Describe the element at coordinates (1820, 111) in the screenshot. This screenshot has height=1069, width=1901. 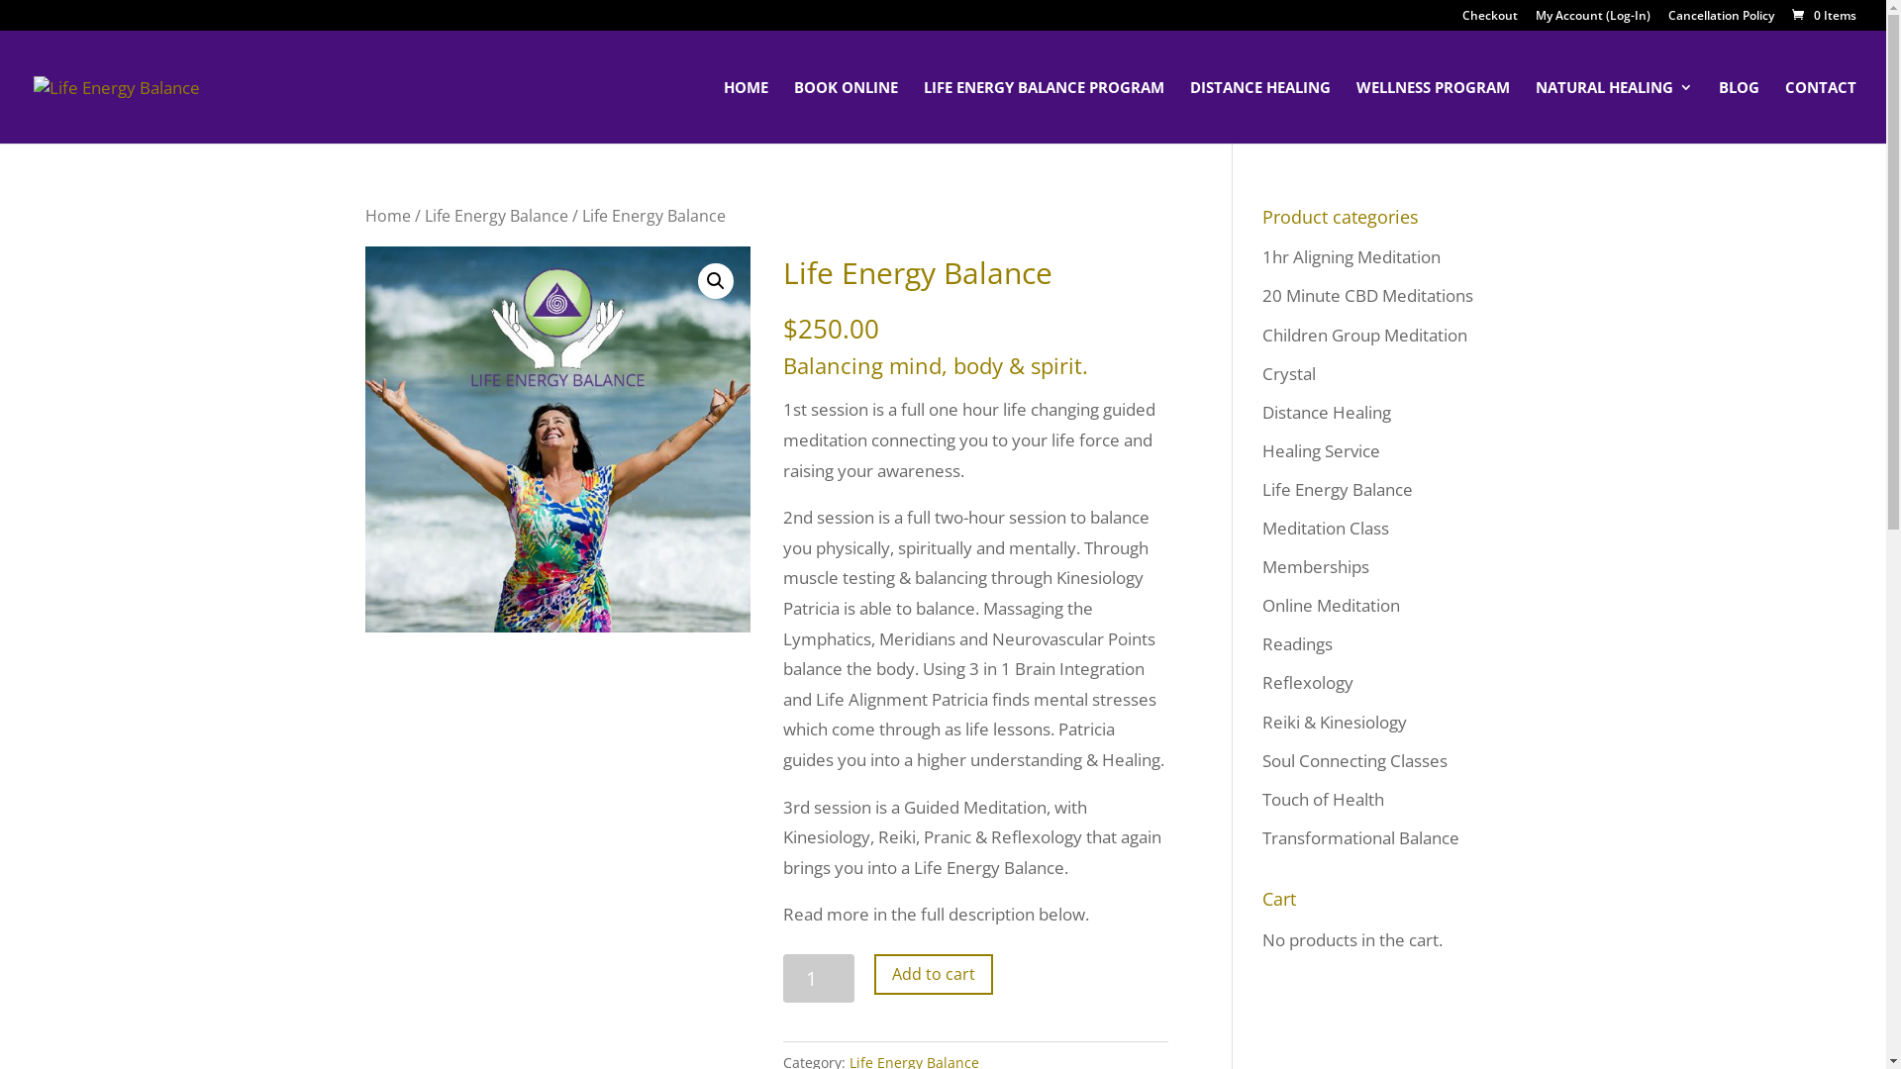
I see `'CONTACT'` at that location.